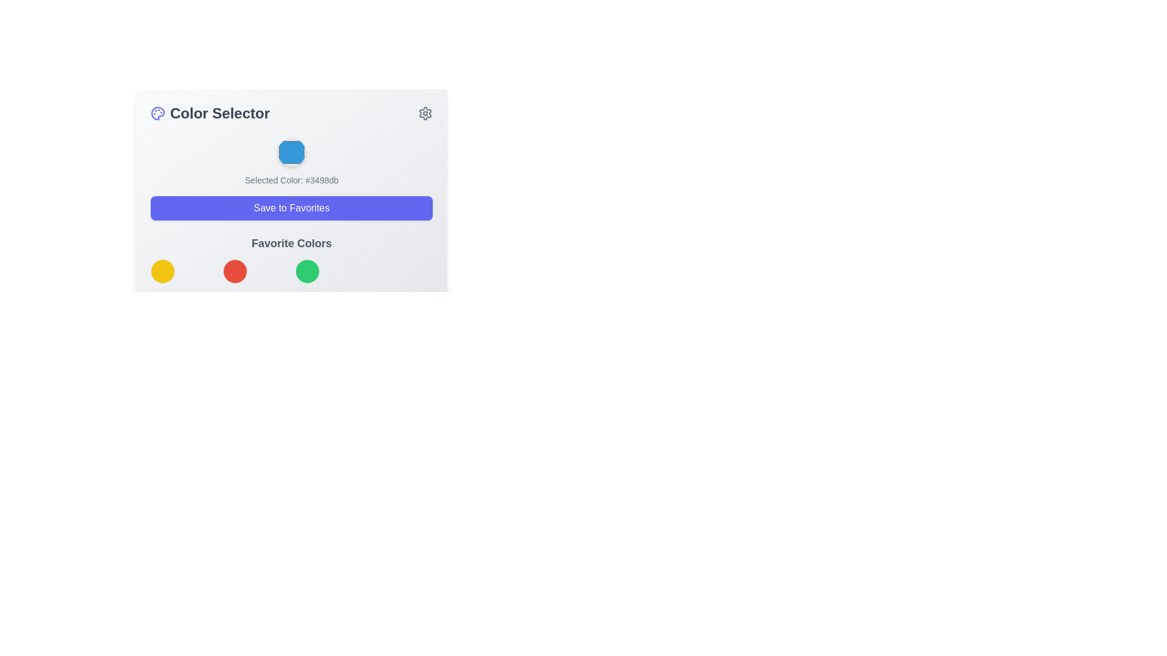 The image size is (1167, 656). I want to click on the third clickable color selection button, which represents the green color option, located beneath the title 'Favorite Colors', so click(292, 271).